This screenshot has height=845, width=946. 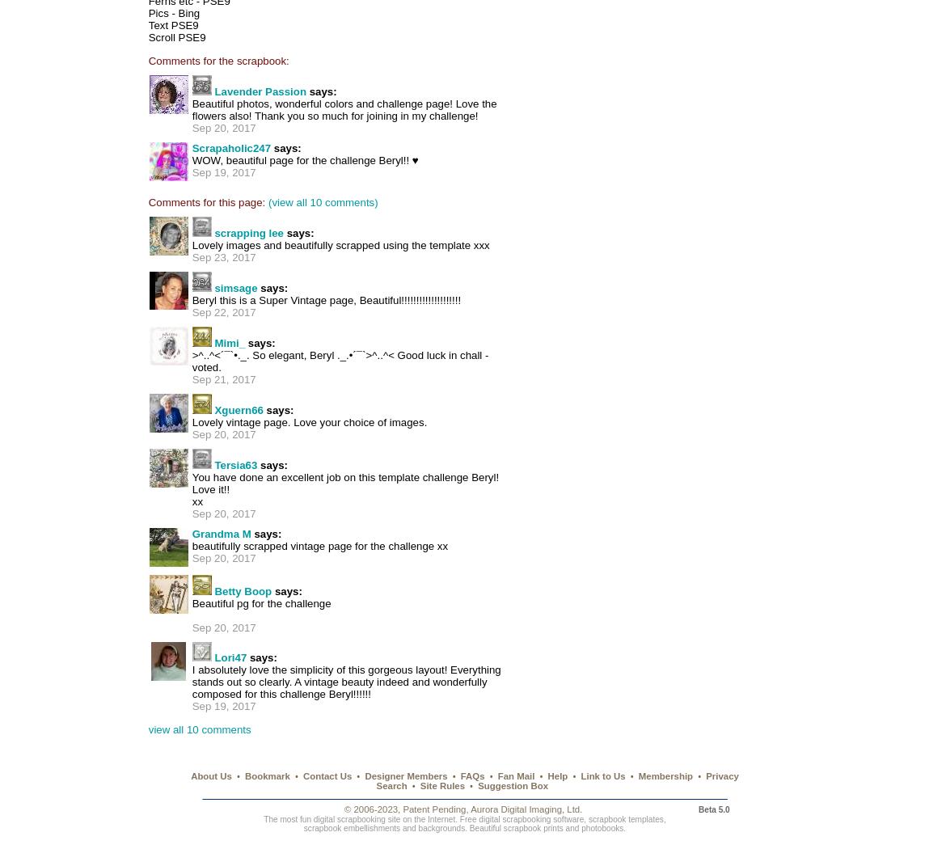 I want to click on 'beautifully scrapped vintage page for the challenge xx', so click(x=319, y=546).